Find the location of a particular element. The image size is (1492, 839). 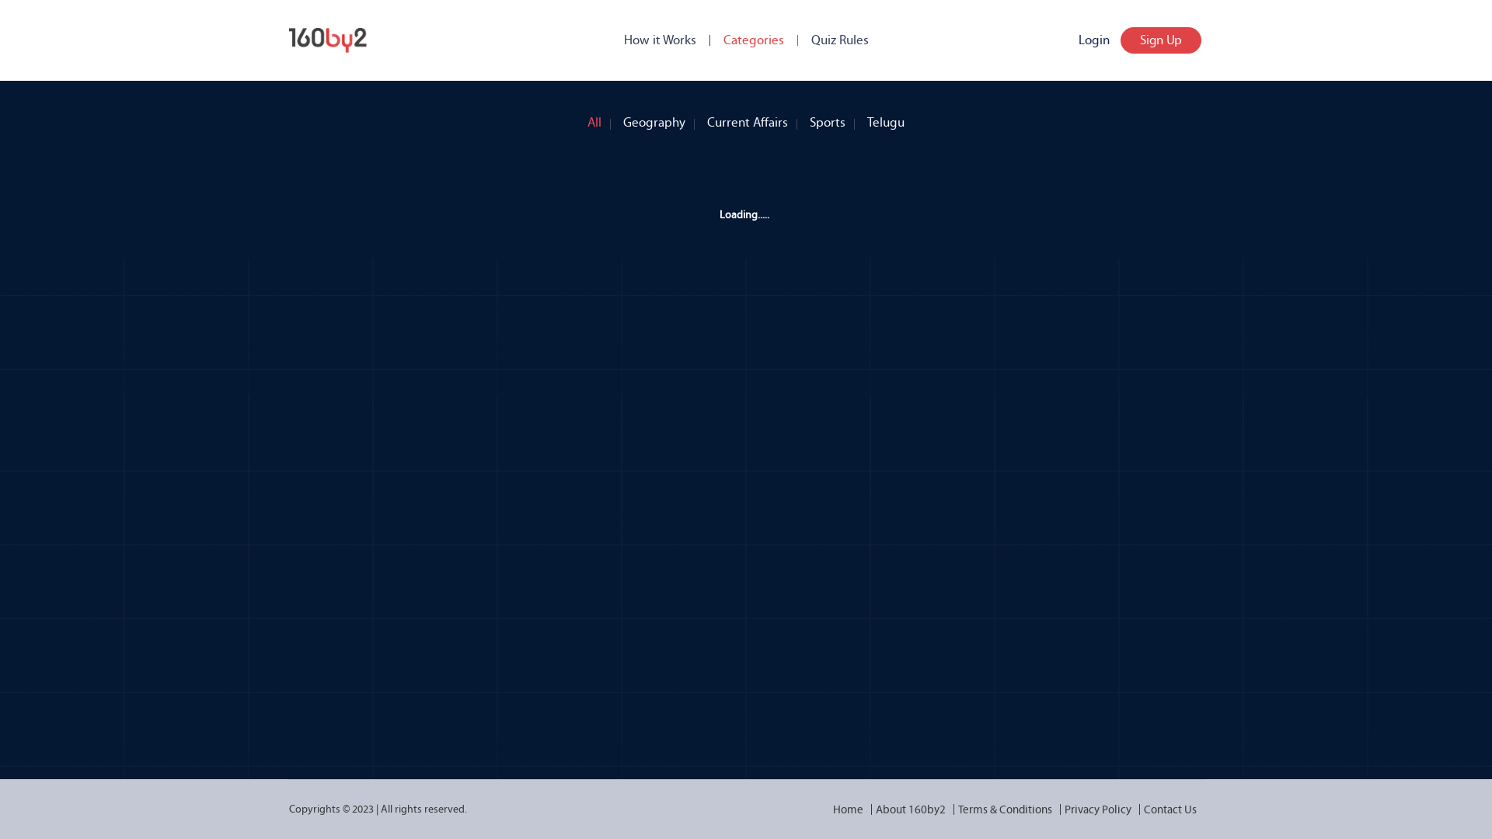

'Current Affairs' is located at coordinates (747, 118).